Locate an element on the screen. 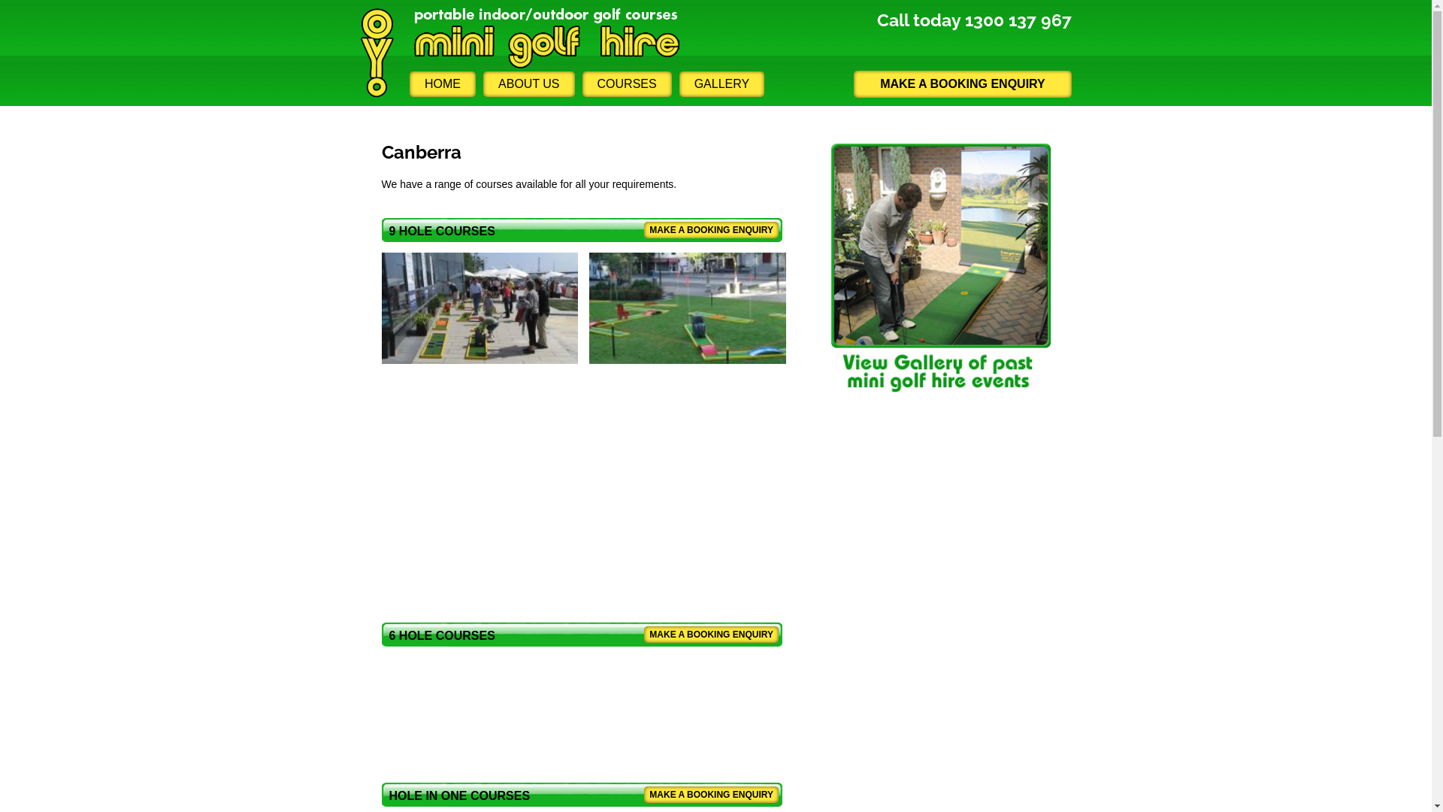 The height and width of the screenshot is (812, 1443). 'MAKE A BOOKING ENQUIRY' is located at coordinates (710, 635).